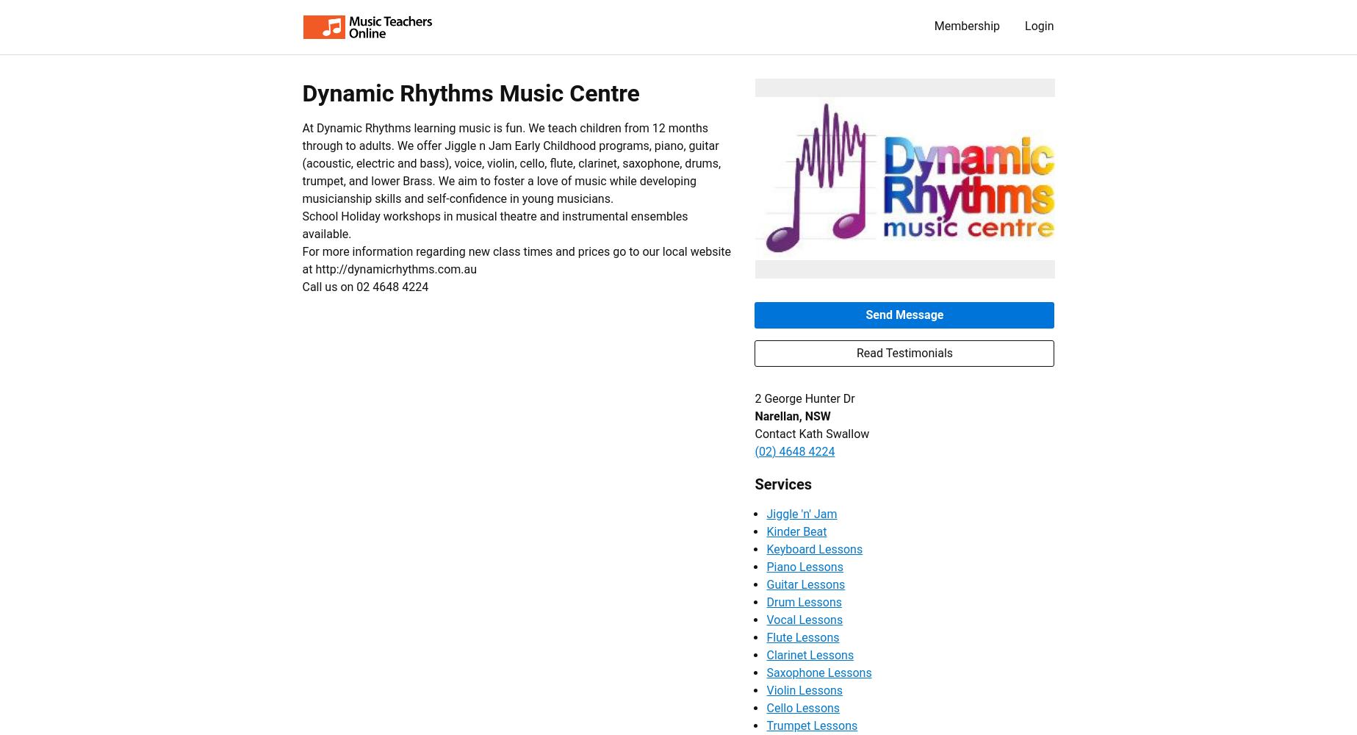  What do you see at coordinates (301, 162) in the screenshot?
I see `'At Dynamic Rhythms learning music is fun. We teach children from 12 months through to adults. We offer Jiggle n Jam Early Childhood programs, piano, guitar (acoustic, electric and bass), voice, violin, cello, flute, clarinet, saxophone, drums, trumpet, and lower Brass. We aim to foster a love of music while developing musicianship skills and self-confidence in young musicians.'` at bounding box center [301, 162].